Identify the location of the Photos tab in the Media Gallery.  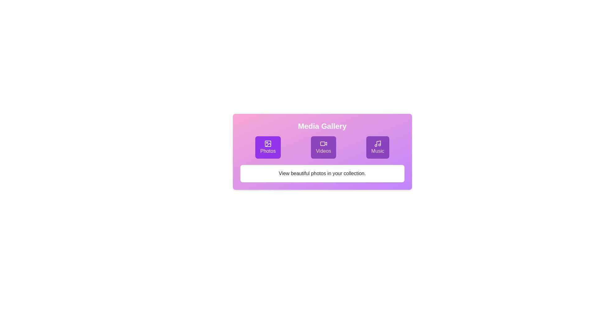
(268, 147).